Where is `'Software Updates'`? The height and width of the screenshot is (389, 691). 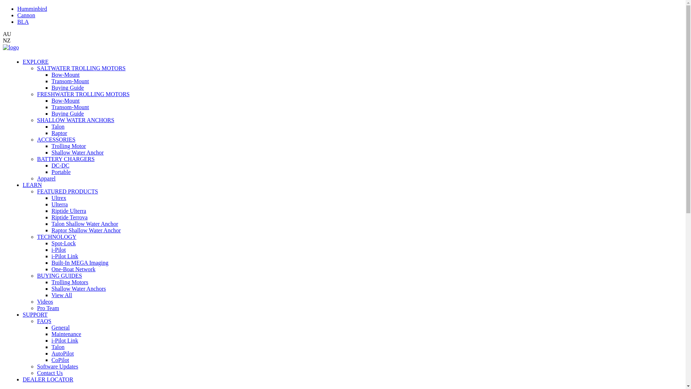
'Software Updates' is located at coordinates (57, 366).